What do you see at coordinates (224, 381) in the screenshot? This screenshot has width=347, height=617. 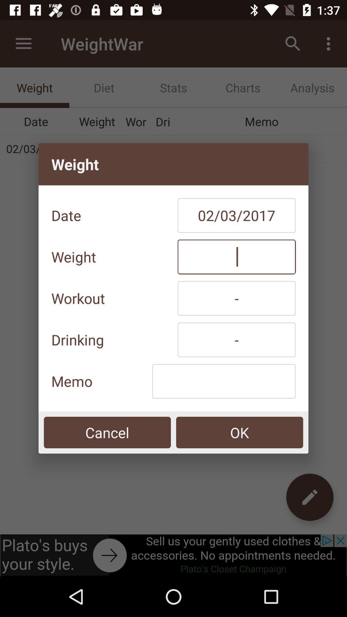 I see `the item below the drinking` at bounding box center [224, 381].